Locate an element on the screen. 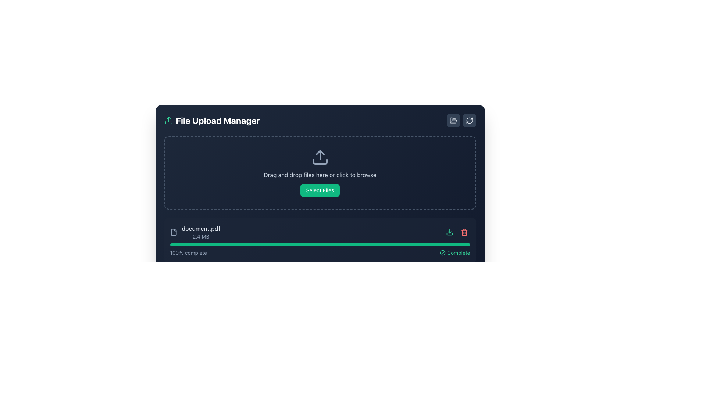 This screenshot has width=706, height=397. the upwards arrow icon that is prominently displayed in the center of the interface is located at coordinates (320, 157).